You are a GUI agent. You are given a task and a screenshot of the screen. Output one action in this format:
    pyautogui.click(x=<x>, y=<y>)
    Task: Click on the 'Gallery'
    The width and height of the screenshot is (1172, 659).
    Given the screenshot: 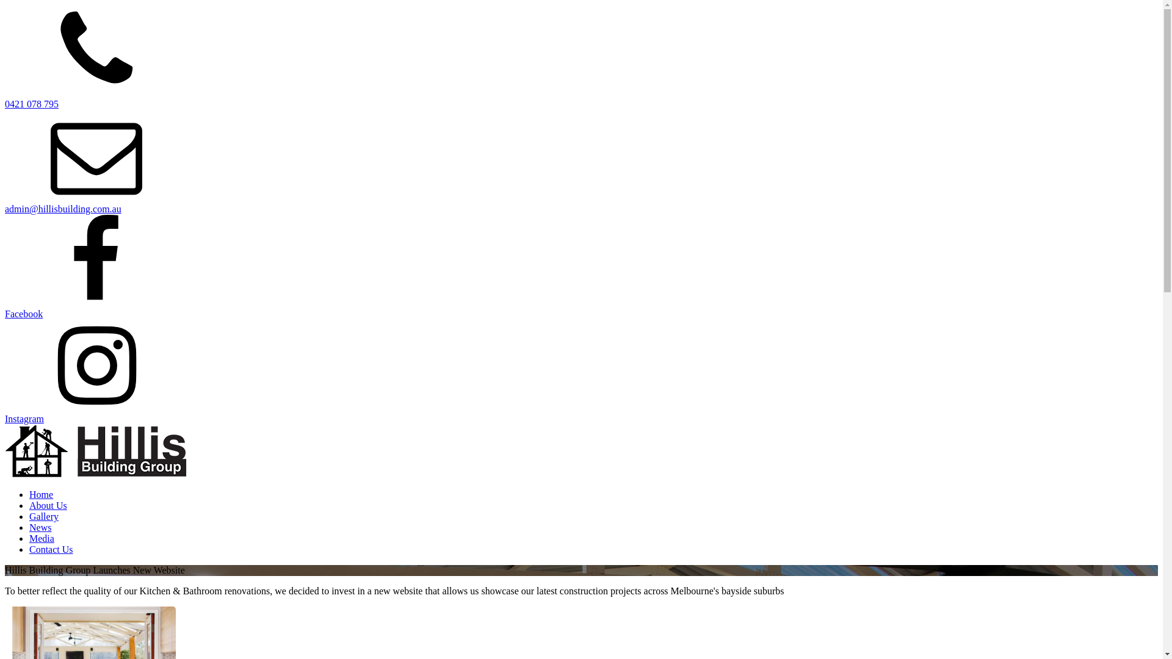 What is the action you would take?
    pyautogui.click(x=44, y=516)
    